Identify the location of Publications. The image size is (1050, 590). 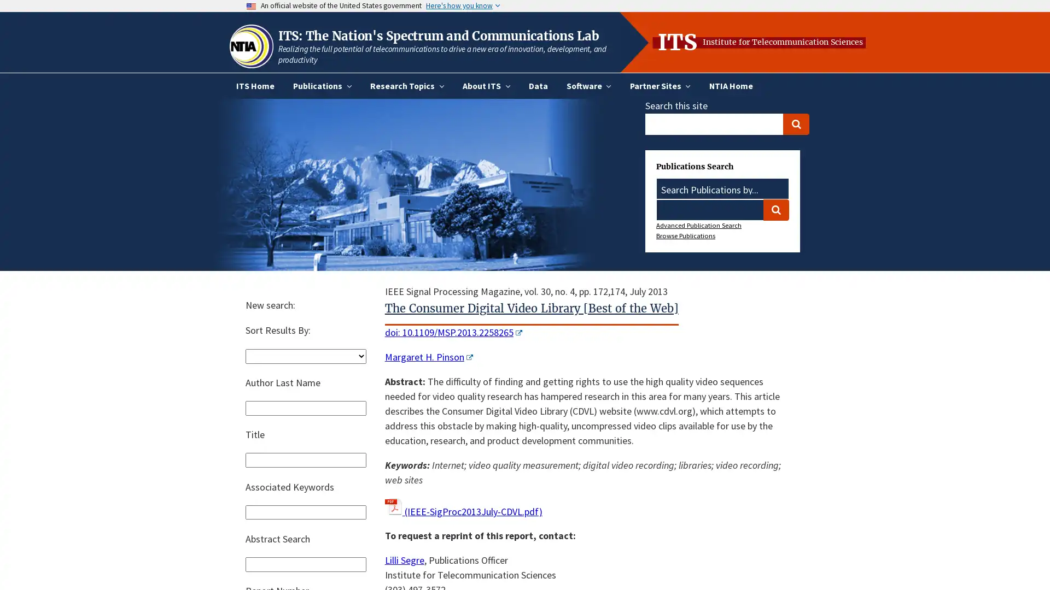
(322, 85).